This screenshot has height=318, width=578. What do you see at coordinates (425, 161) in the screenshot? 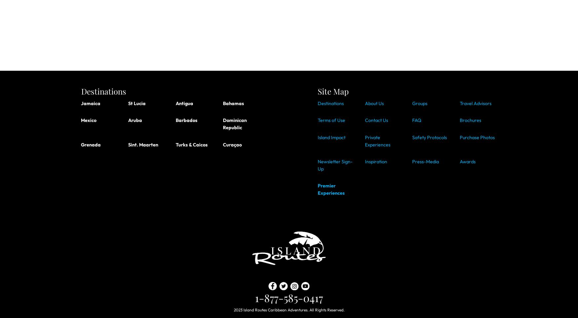
I see `'Press-Media'` at bounding box center [425, 161].